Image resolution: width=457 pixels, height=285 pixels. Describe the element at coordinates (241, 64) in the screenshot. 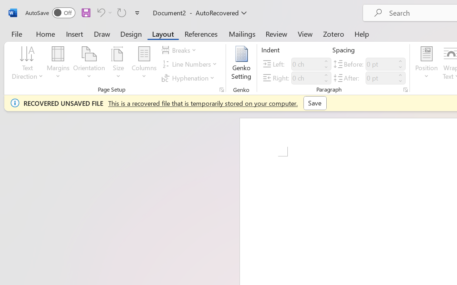

I see `'Genko Setting...'` at that location.